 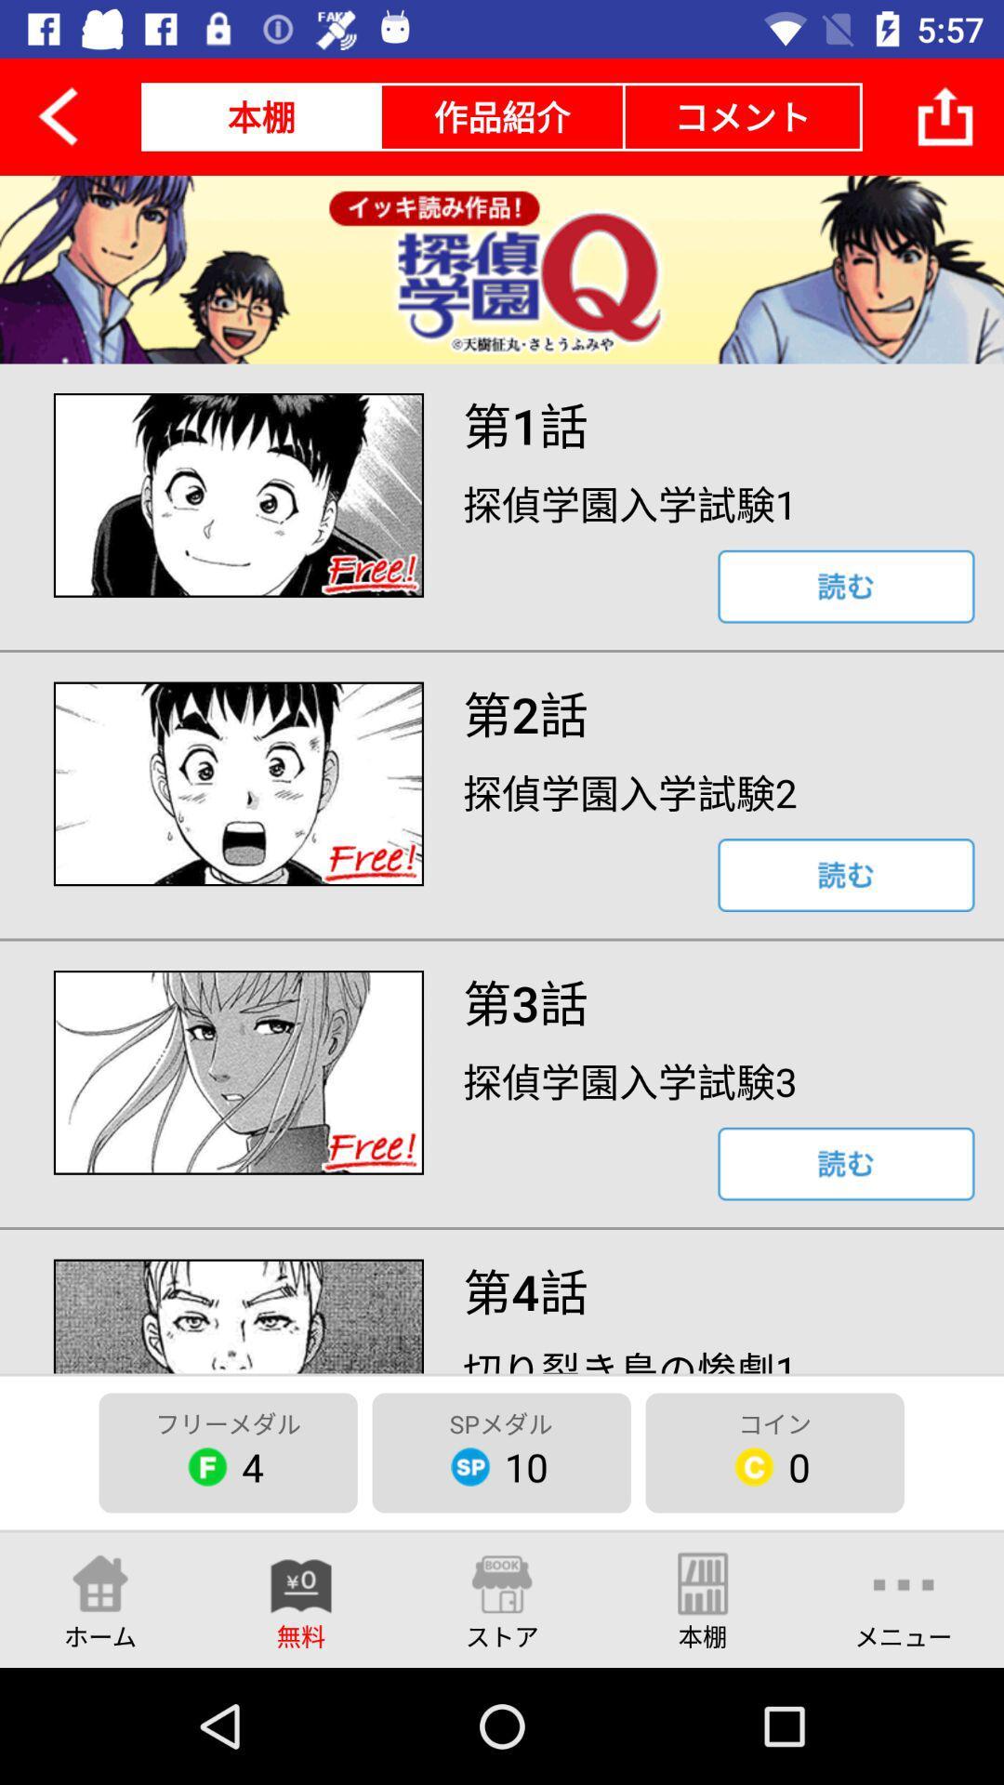 I want to click on icon below 0 item, so click(x=903, y=1599).